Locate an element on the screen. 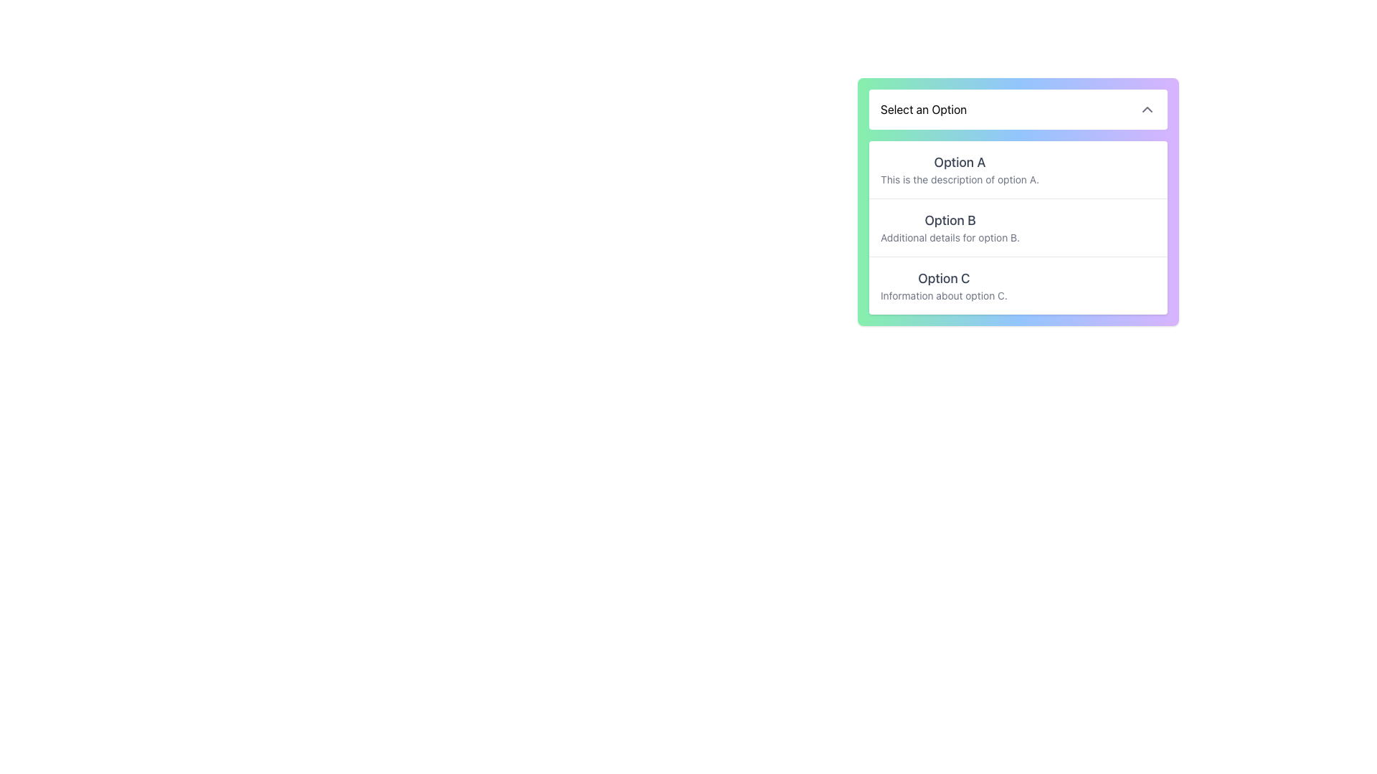 The width and height of the screenshot is (1377, 774). the selectable text block labeled 'Option B' located under the header 'Select an Option' is located at coordinates (950, 226).